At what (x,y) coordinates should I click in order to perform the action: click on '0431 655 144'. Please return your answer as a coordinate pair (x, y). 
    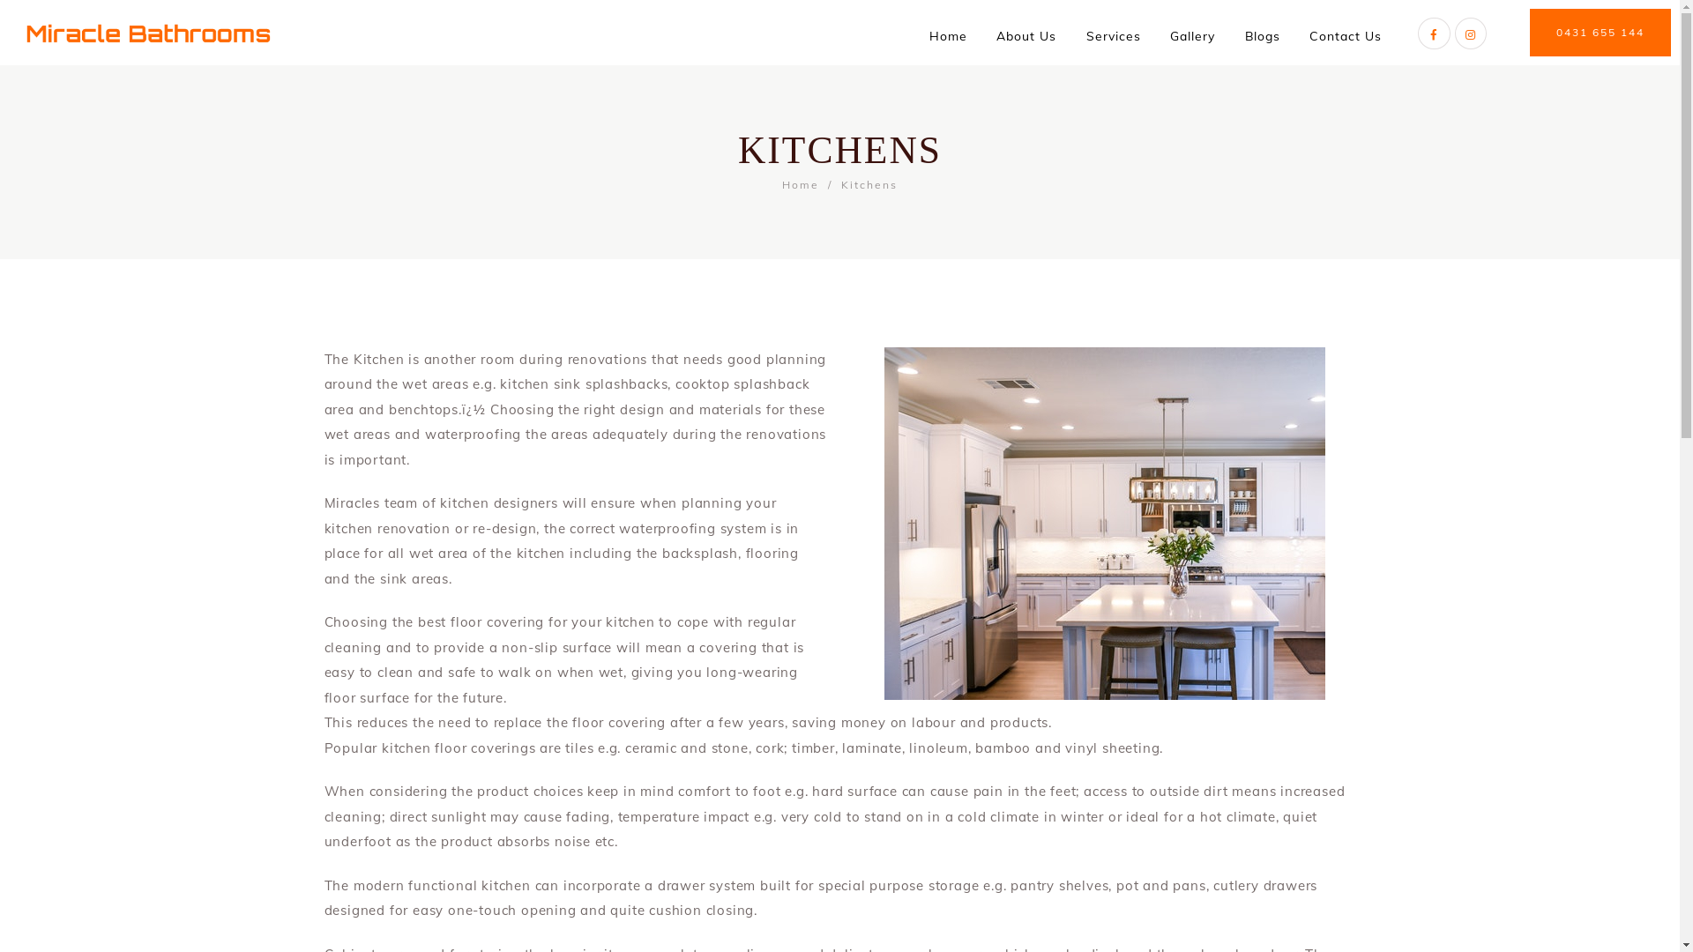
    Looking at the image, I should click on (1600, 32).